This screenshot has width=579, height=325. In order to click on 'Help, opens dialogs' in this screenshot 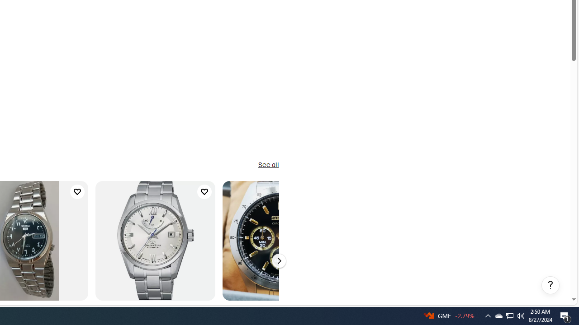, I will do `click(550, 285)`.